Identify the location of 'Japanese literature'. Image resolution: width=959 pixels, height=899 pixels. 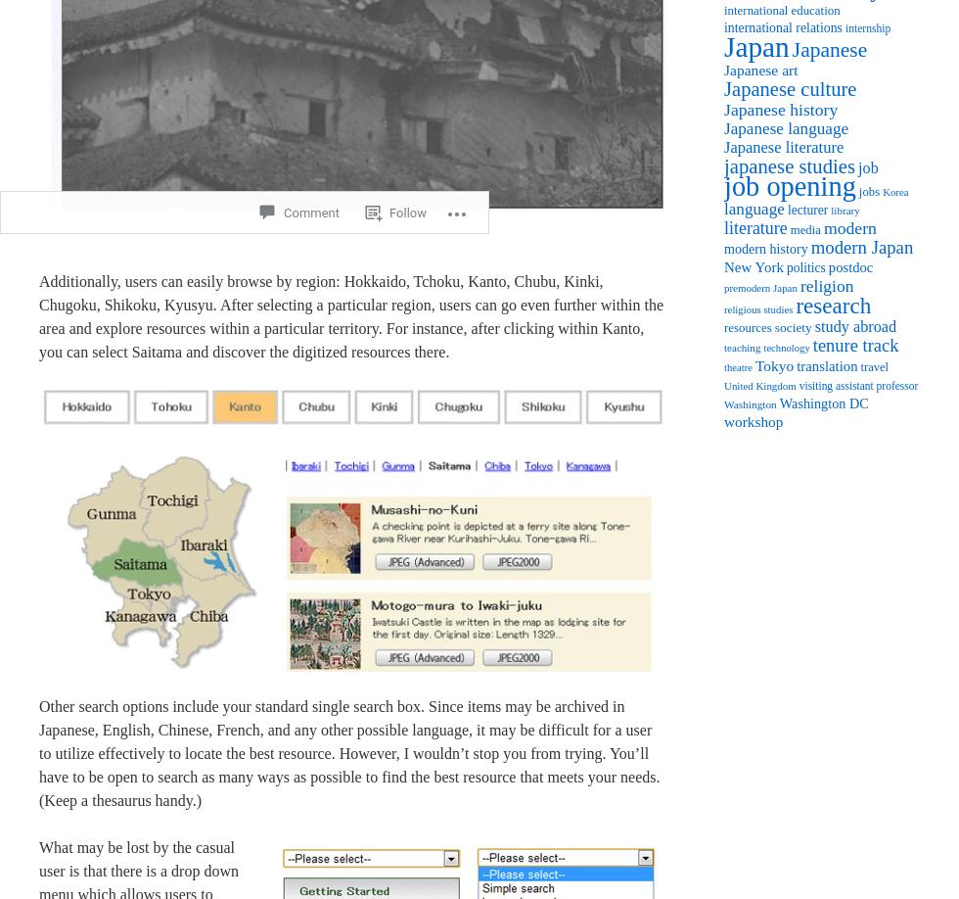
(783, 146).